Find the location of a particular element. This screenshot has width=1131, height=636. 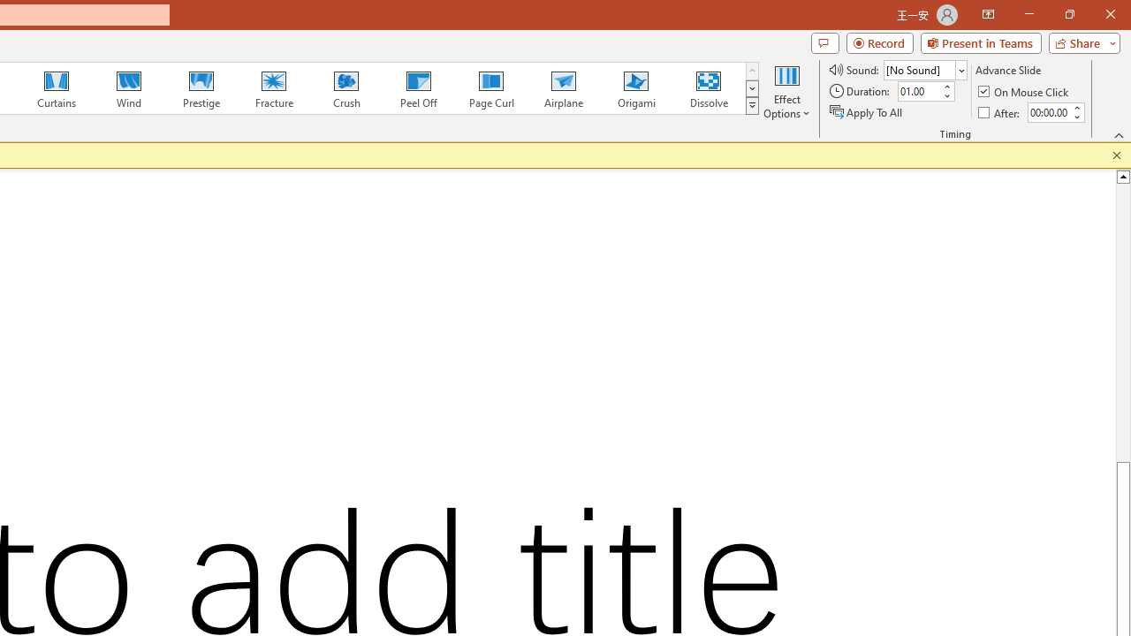

'Apply To All' is located at coordinates (867, 112).